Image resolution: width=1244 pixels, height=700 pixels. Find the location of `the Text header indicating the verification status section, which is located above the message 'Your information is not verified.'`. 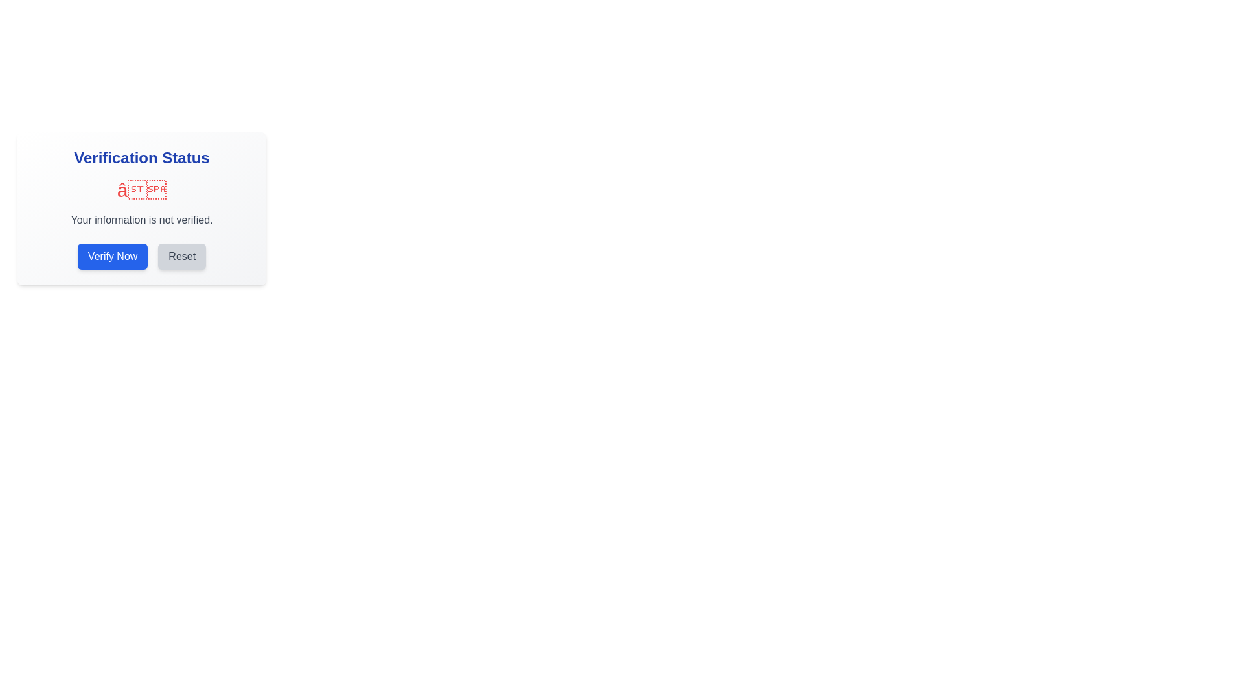

the Text header indicating the verification status section, which is located above the message 'Your information is not verified.' is located at coordinates (142, 157).